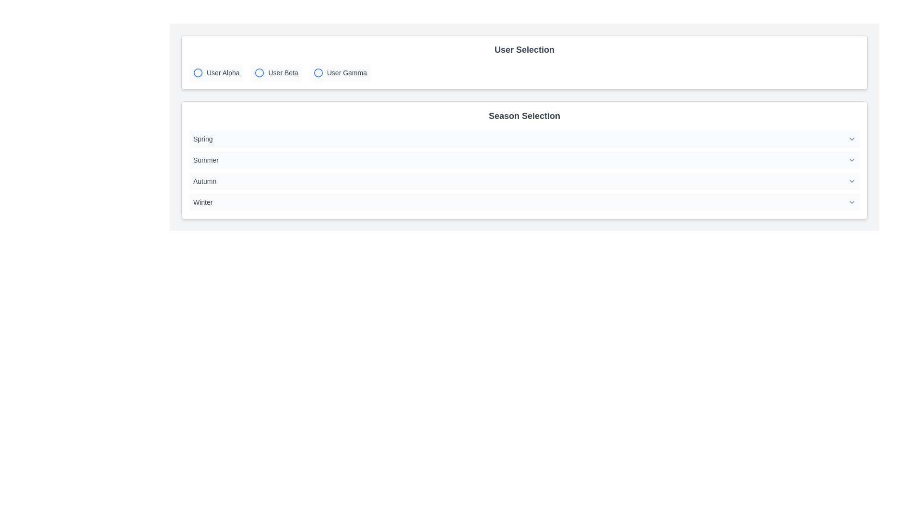 This screenshot has height=518, width=921. I want to click on the blue-bordered circular radio button associated with the 'User Beta' option, so click(260, 72).